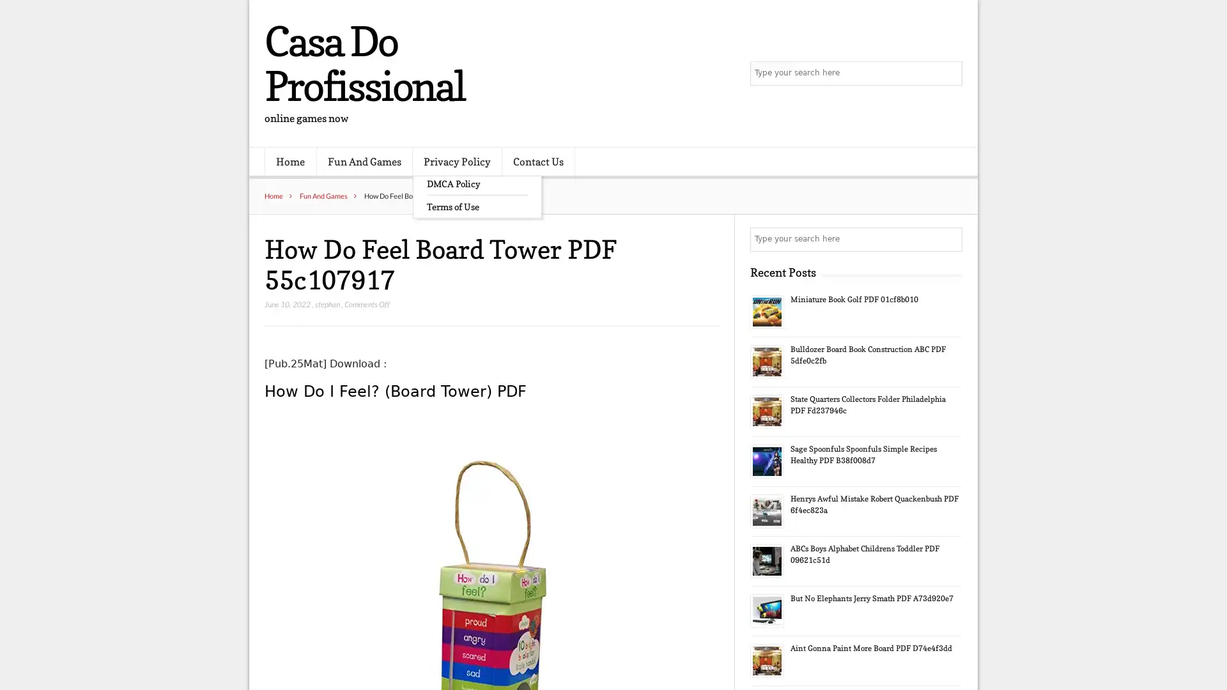 The width and height of the screenshot is (1227, 690). I want to click on Search, so click(949, 239).